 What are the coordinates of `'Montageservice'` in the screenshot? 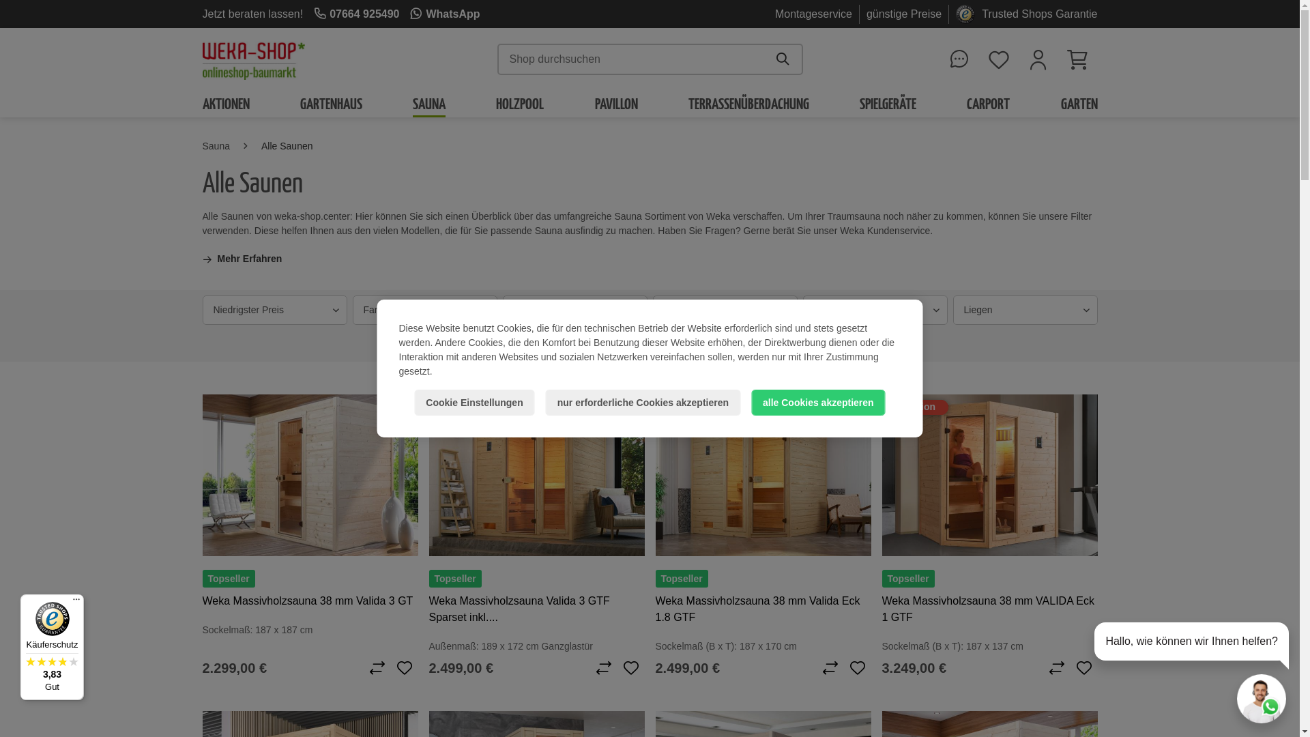 It's located at (813, 13).